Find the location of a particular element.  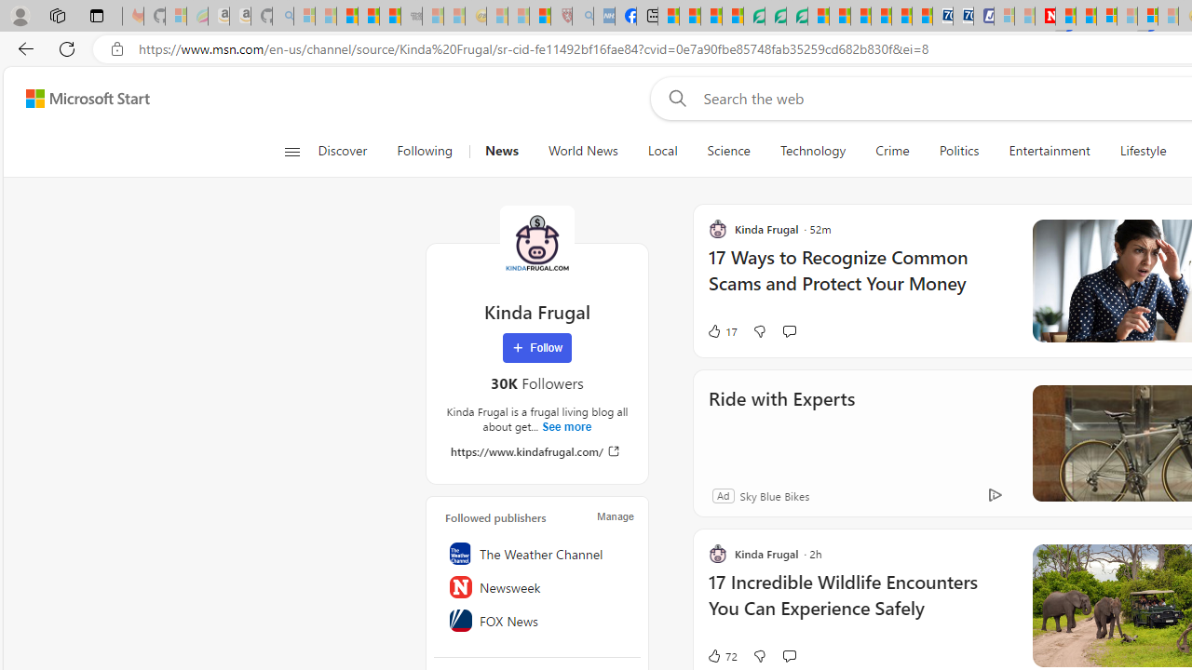

'Sky Blue Bikes' is located at coordinates (774, 494).